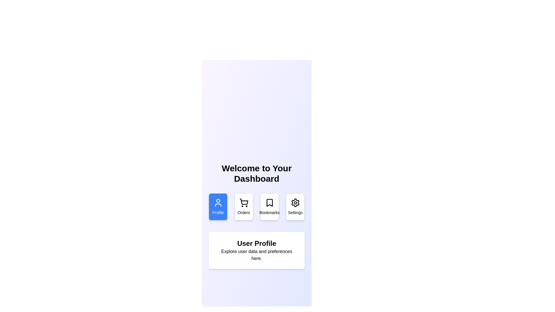 The height and width of the screenshot is (312, 555). I want to click on the circular decorative element located at the upper side of the user profile icon within the 'Profile' button in the dashboard interface, so click(218, 200).